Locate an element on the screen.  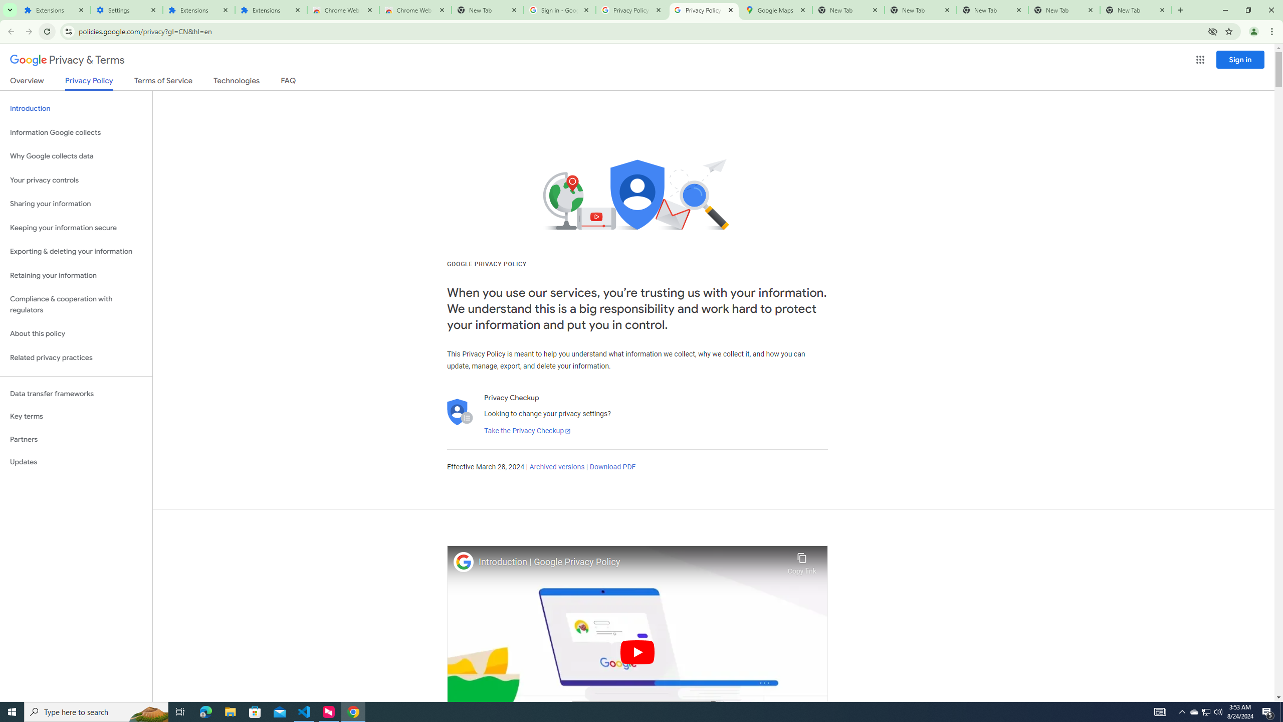
'Settings' is located at coordinates (126, 10).